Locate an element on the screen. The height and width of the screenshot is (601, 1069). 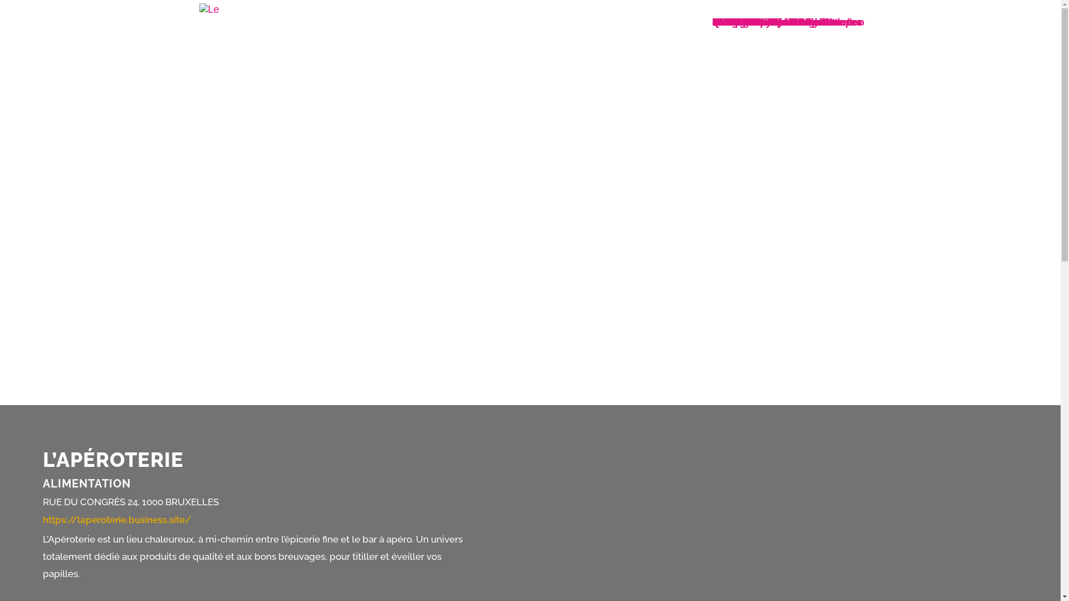
'Rue de Namur - Bd de Waterloo' is located at coordinates (786, 22).